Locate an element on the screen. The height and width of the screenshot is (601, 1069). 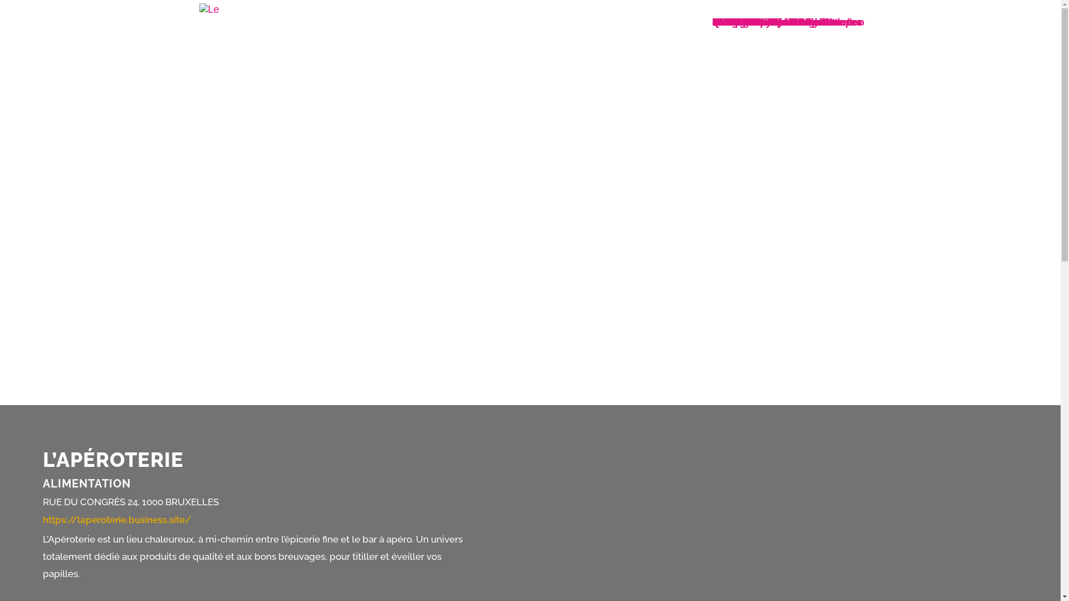
'Rue de Namur - Bd de Waterloo' is located at coordinates (786, 22).